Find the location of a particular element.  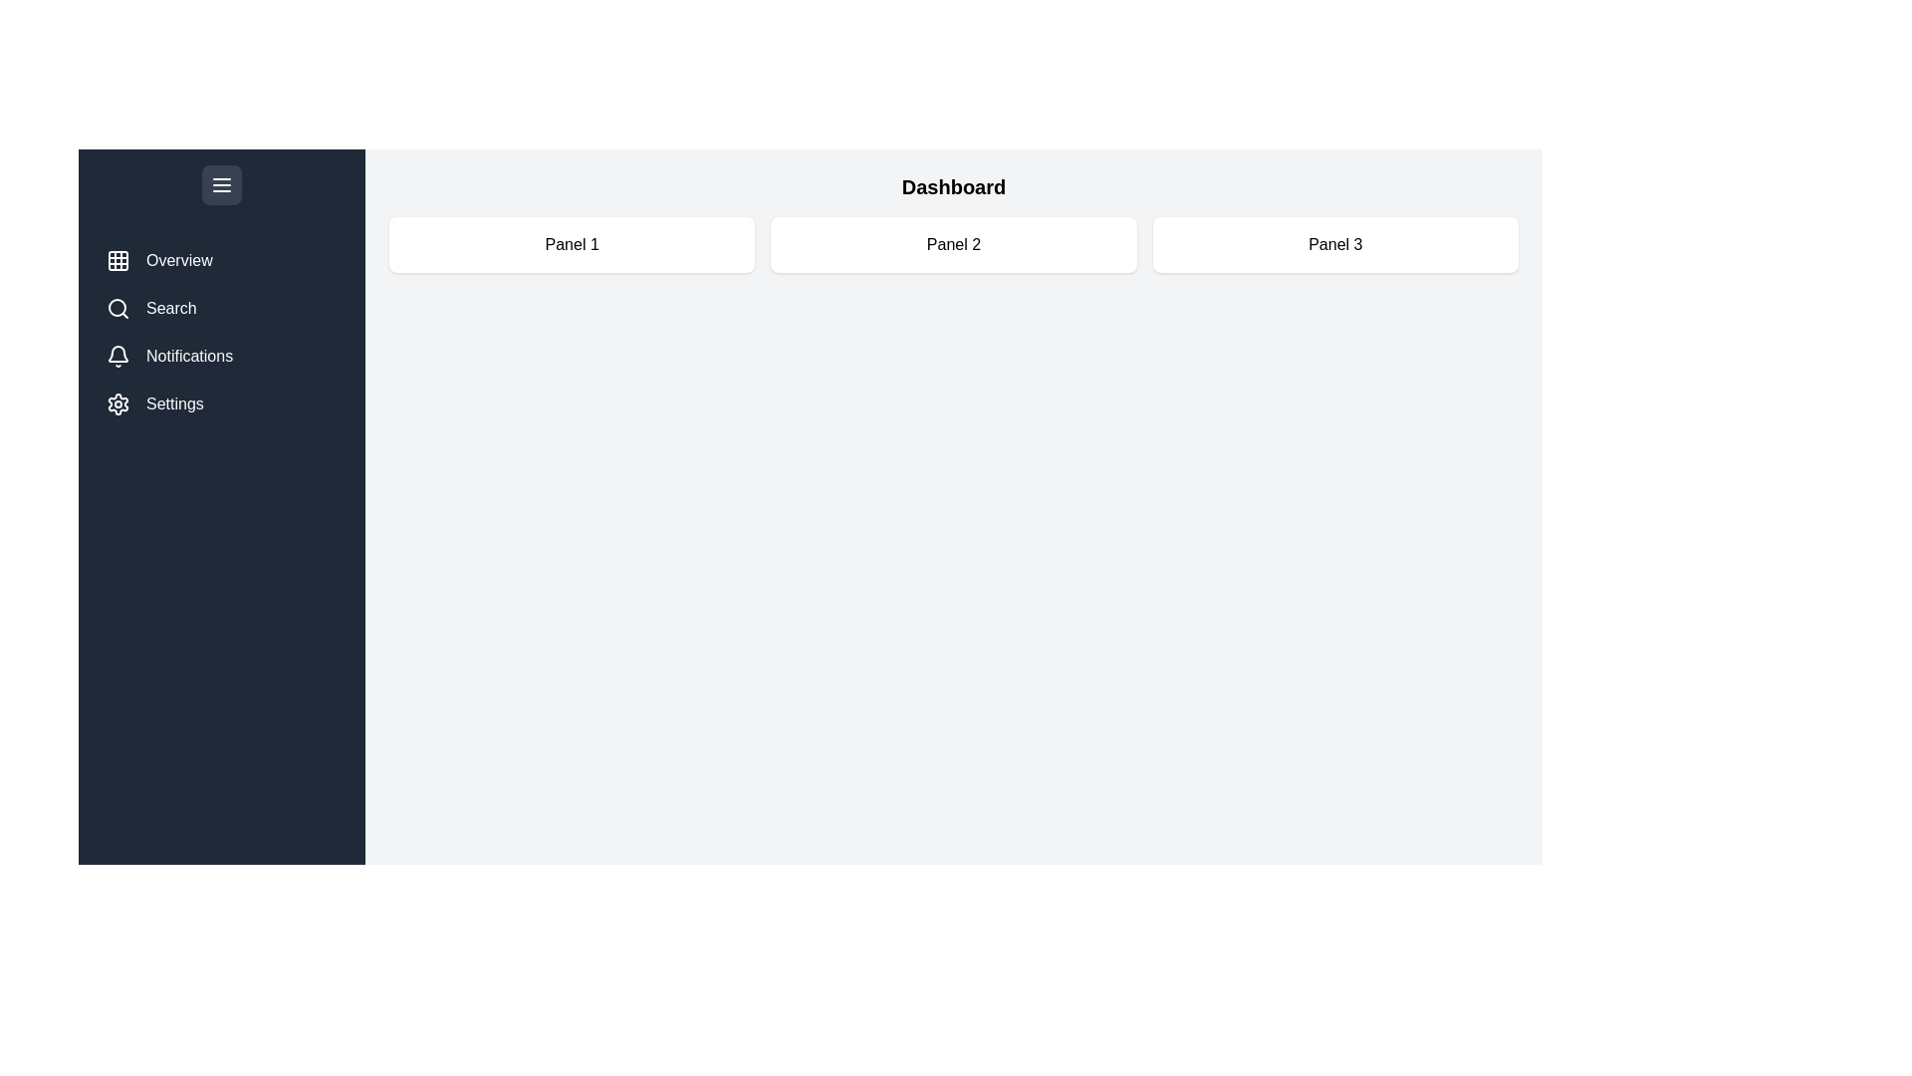

the menu item Settings to observe its hover effect is located at coordinates (221, 403).